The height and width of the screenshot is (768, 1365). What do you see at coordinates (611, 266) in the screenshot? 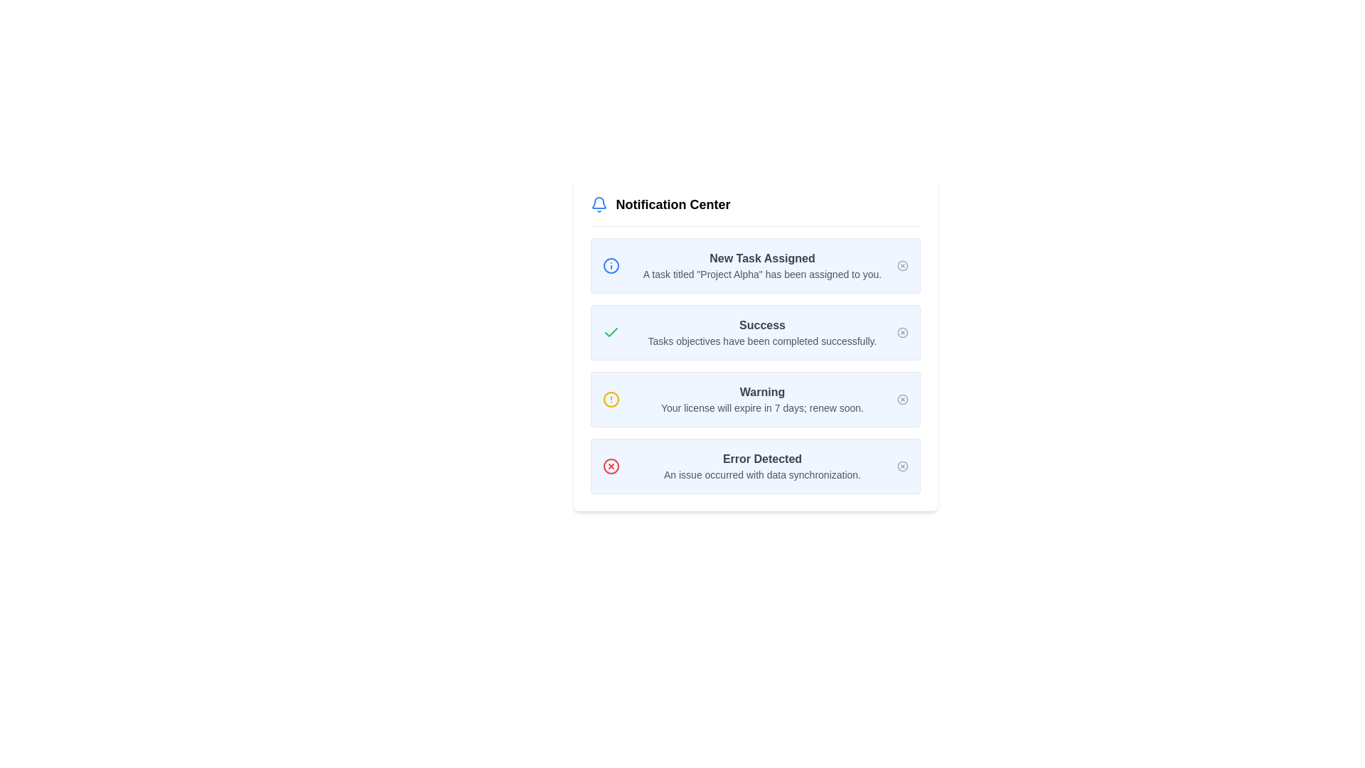
I see `the innermost circular part of the information icon associated with the notification titled 'New Task Assigned'` at bounding box center [611, 266].